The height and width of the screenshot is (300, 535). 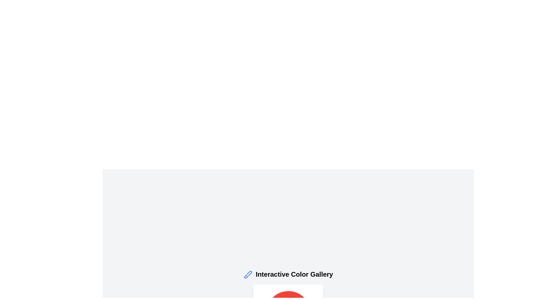 I want to click on the blue brush-like graphic icon located to the left of the 'Interactive Color Gallery' title text, so click(x=247, y=274).